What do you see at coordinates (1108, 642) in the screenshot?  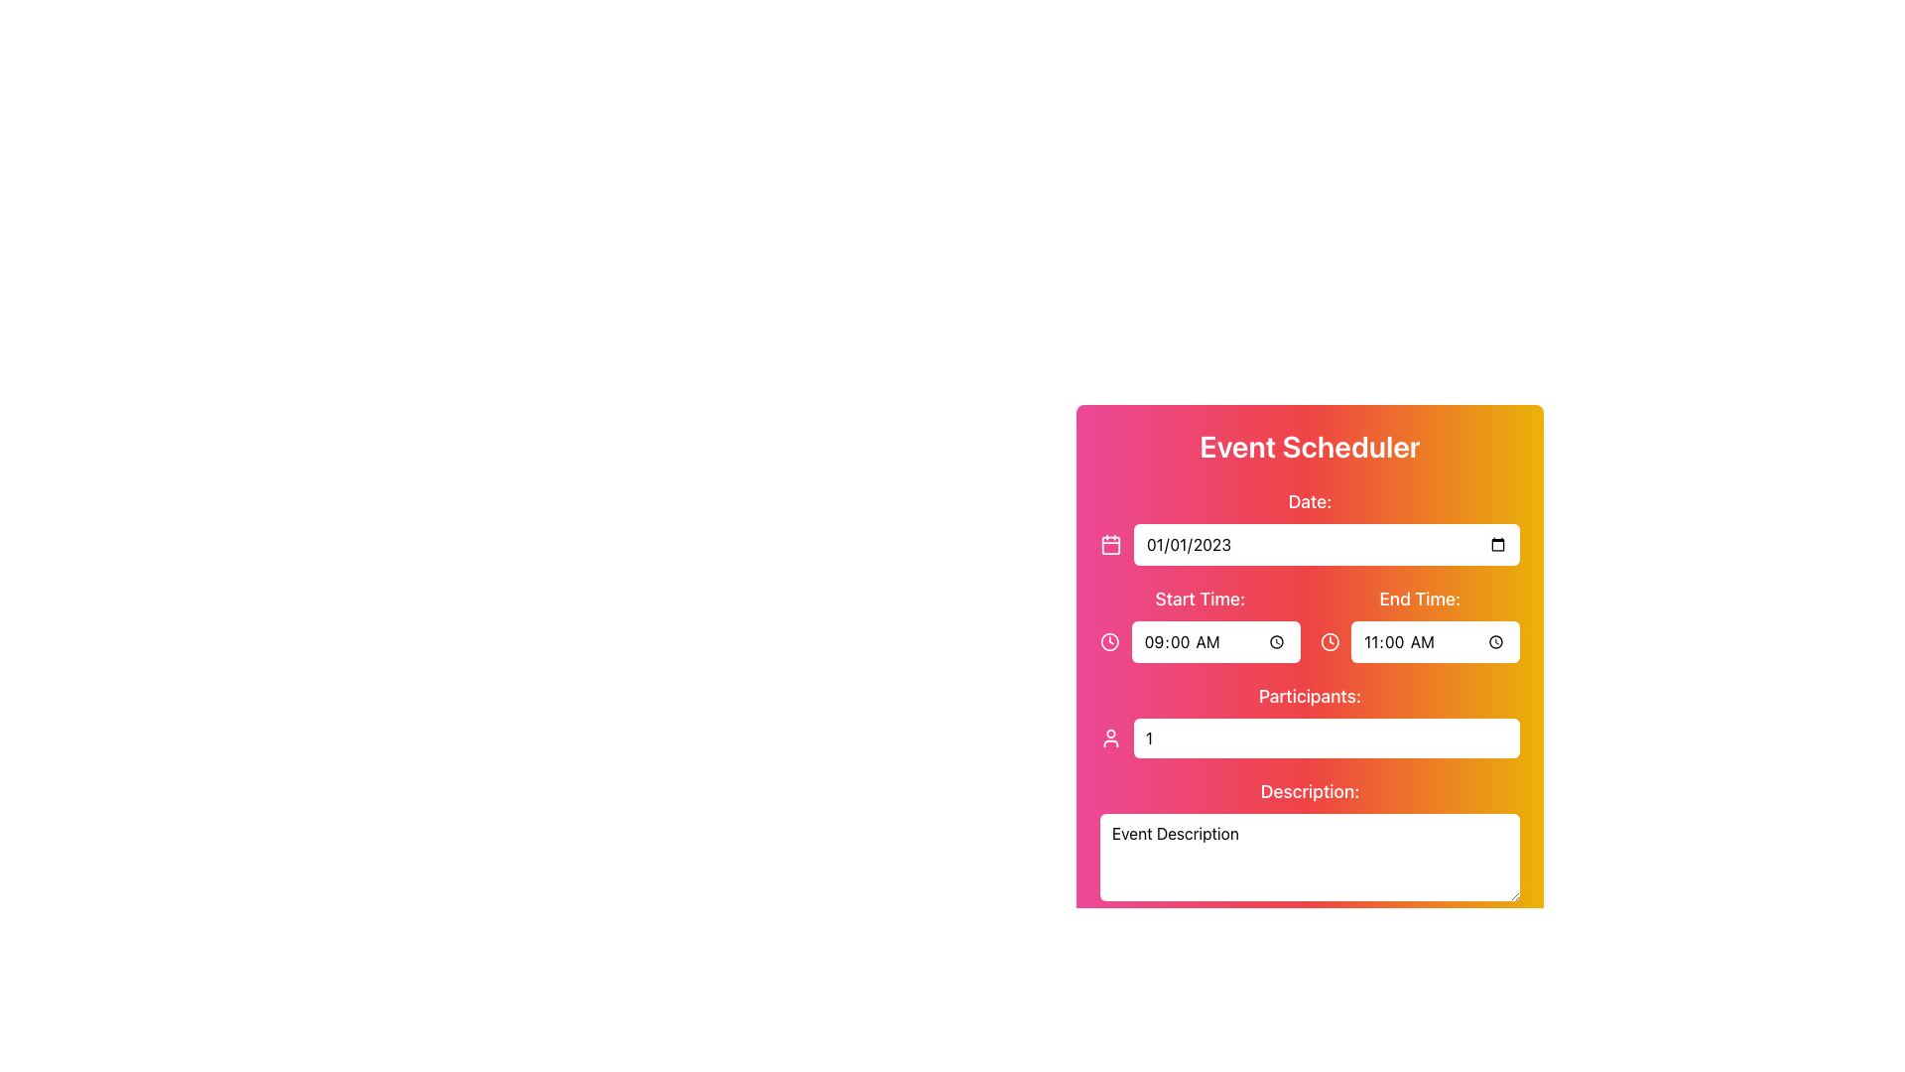 I see `the circular clock icon located to the left of the '09:00 AM' time input field in the 'Start Time' section of the 'Event Scheduler' form` at bounding box center [1108, 642].